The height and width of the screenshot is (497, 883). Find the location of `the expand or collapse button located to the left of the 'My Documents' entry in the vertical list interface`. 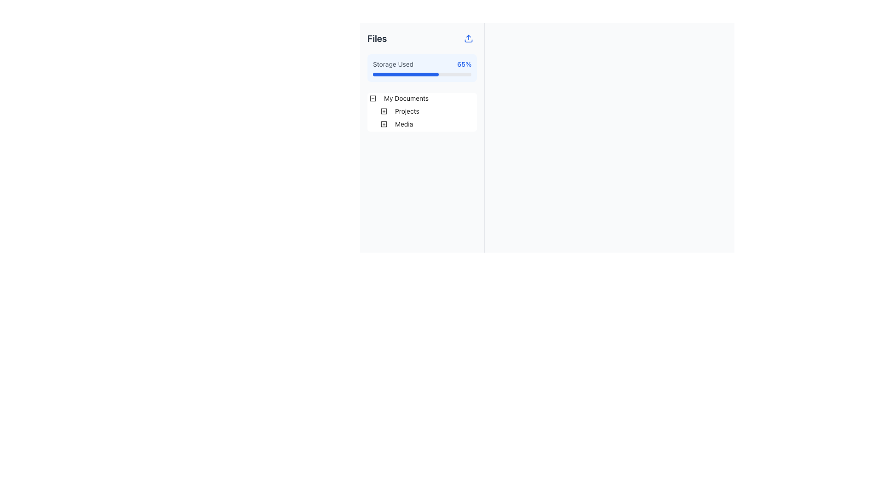

the expand or collapse button located to the left of the 'My Documents' entry in the vertical list interface is located at coordinates (373, 98).